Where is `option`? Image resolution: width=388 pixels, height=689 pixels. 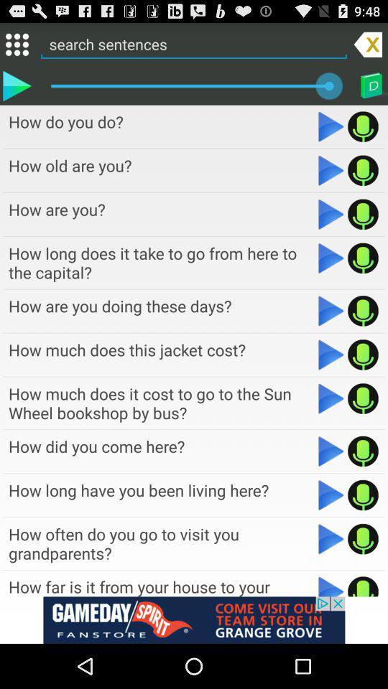
option is located at coordinates (362, 495).